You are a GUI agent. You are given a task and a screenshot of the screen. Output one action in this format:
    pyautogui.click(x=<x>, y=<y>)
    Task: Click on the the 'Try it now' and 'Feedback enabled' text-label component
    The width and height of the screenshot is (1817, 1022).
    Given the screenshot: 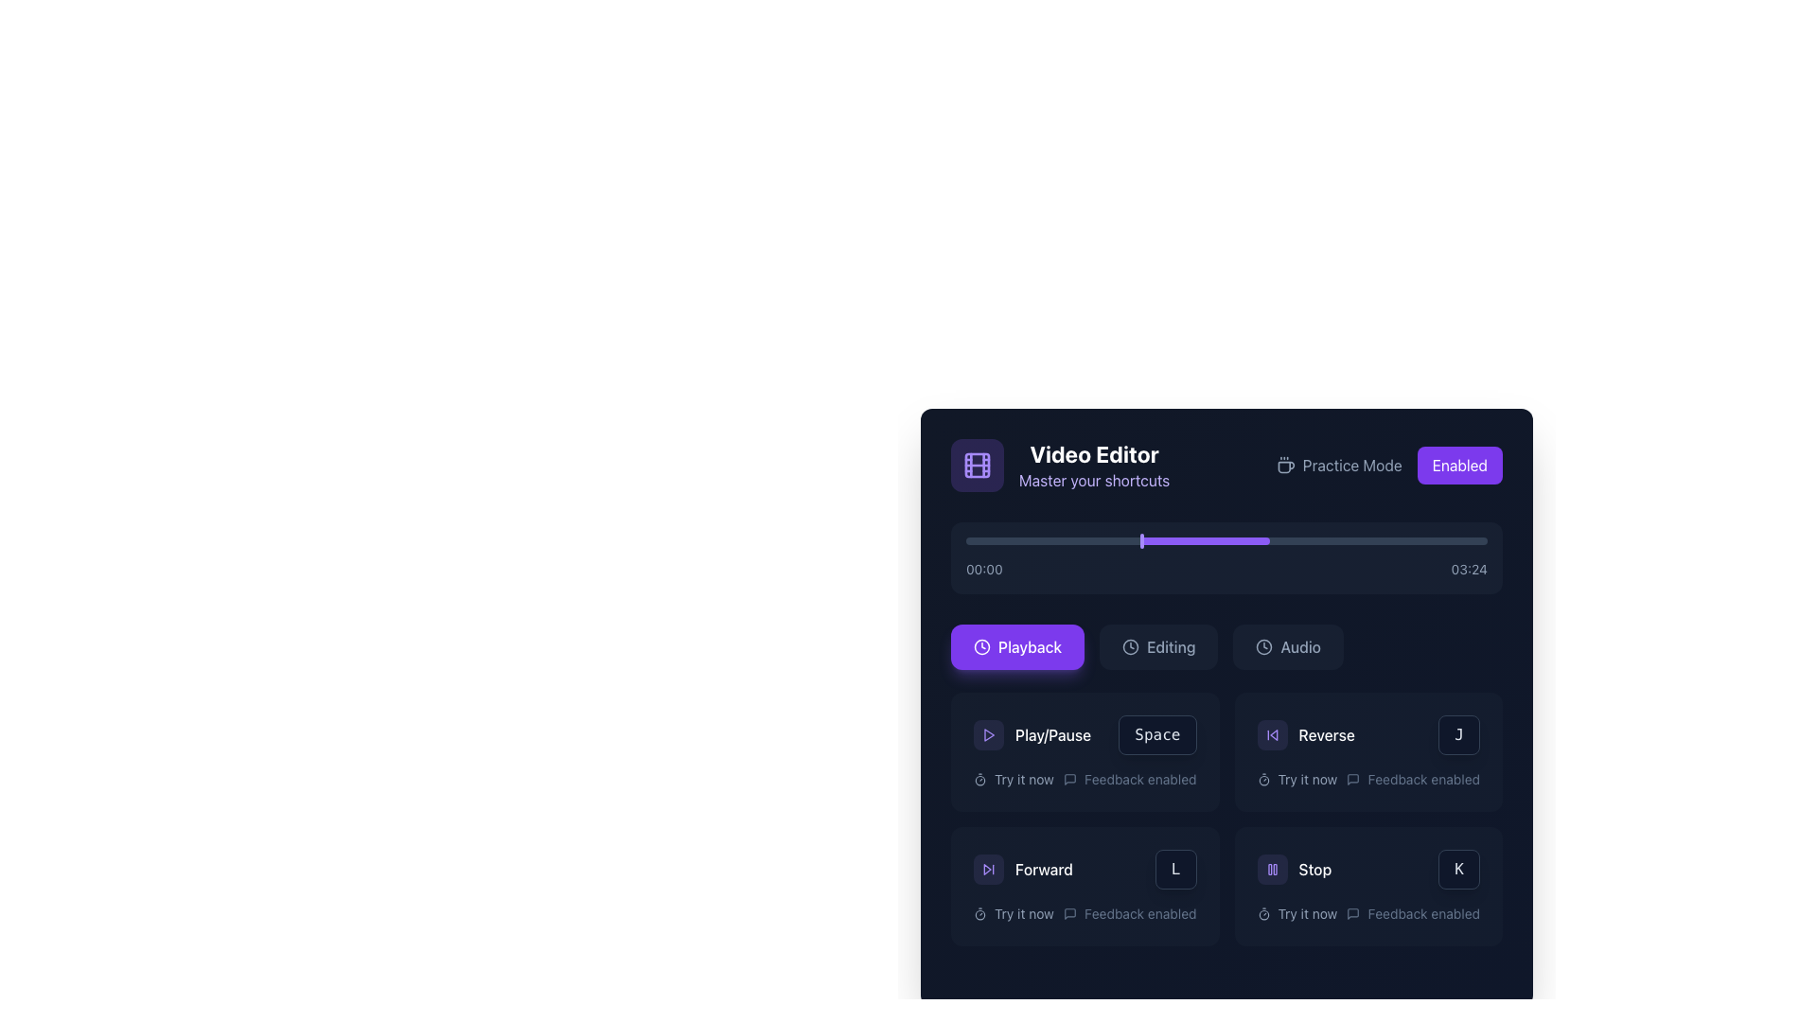 What is the action you would take?
    pyautogui.click(x=1368, y=912)
    